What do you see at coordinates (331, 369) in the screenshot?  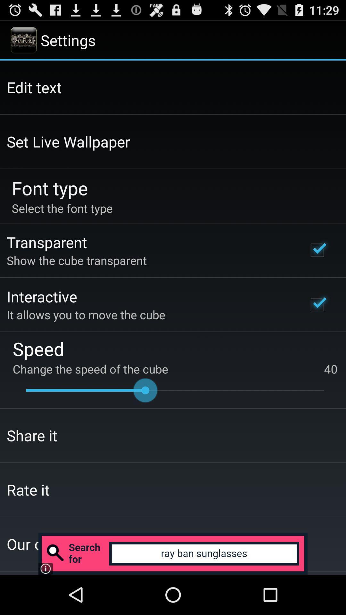 I see `the icon below speed item` at bounding box center [331, 369].